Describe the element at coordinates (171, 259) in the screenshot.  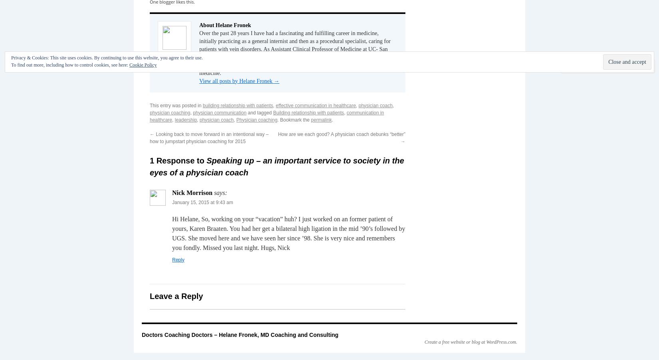
I see `'Reply'` at that location.